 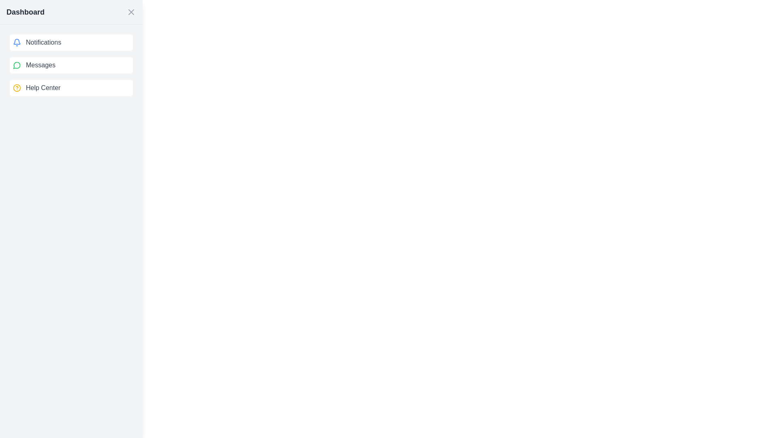 What do you see at coordinates (71, 88) in the screenshot?
I see `the navigation button located below the 'Messages' button` at bounding box center [71, 88].